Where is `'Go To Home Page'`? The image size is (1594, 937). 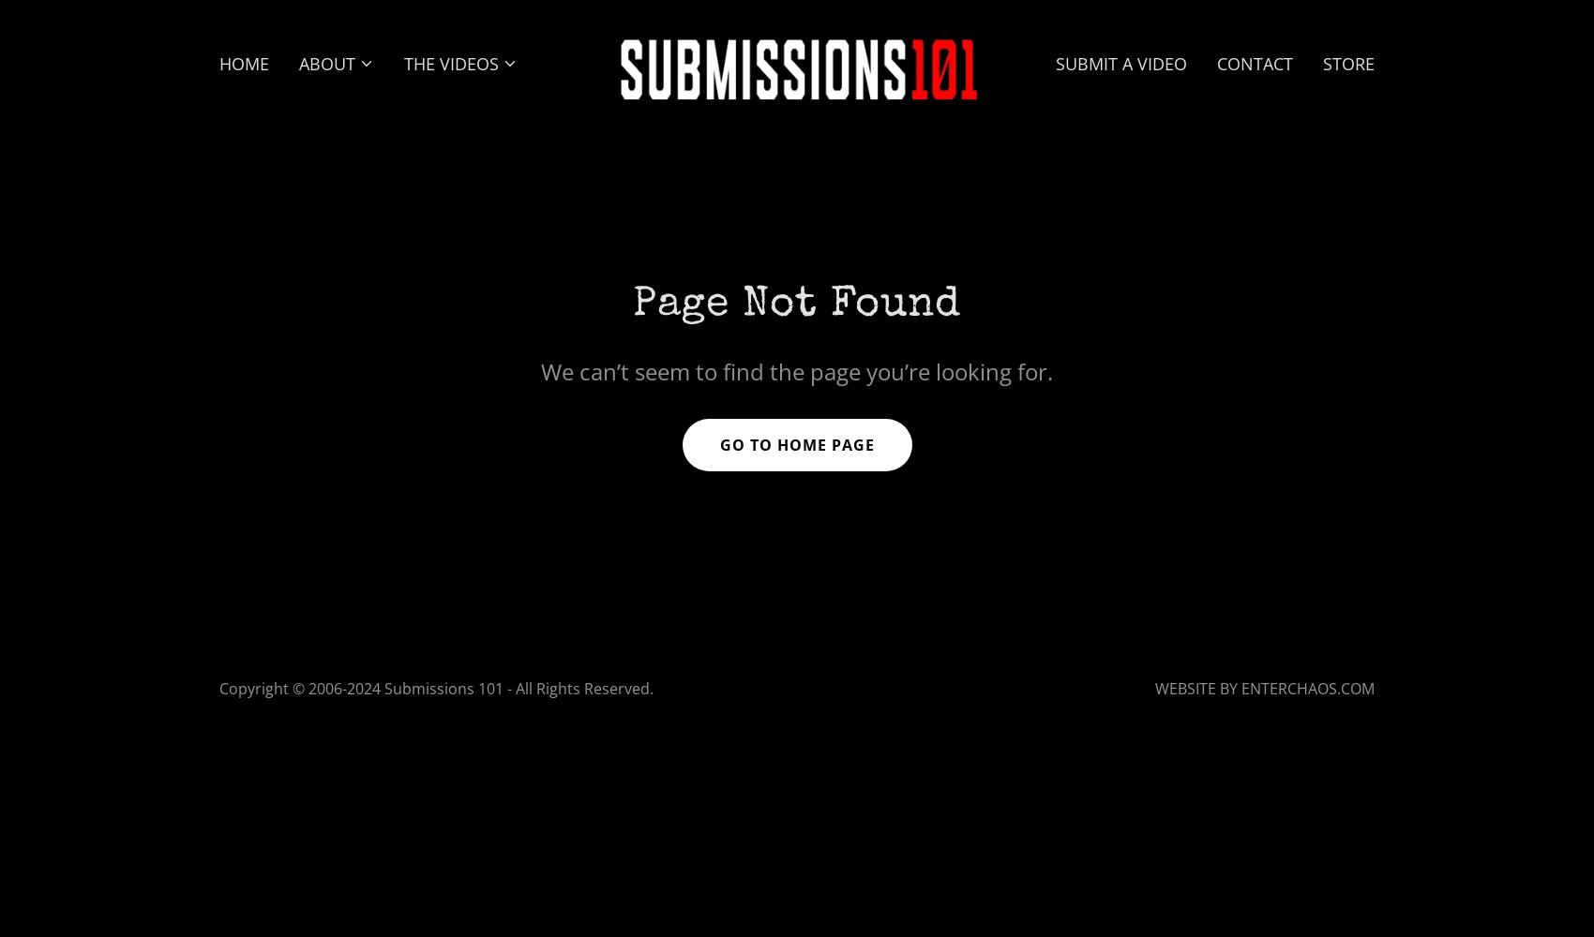
'Go To Home Page' is located at coordinates (718, 444).